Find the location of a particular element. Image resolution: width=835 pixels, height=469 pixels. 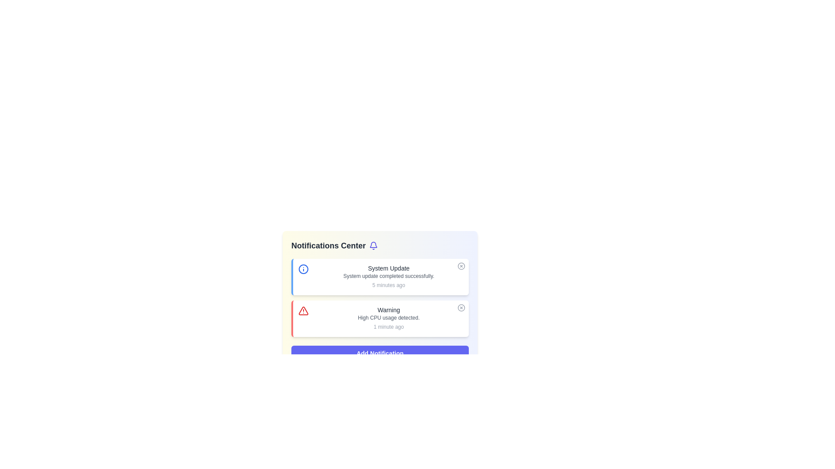

the static text element confirming the successful completion of a system update, which is located below the heading 'System Update' and above the text '5 minutes ago' in the notifications center is located at coordinates (388, 276).